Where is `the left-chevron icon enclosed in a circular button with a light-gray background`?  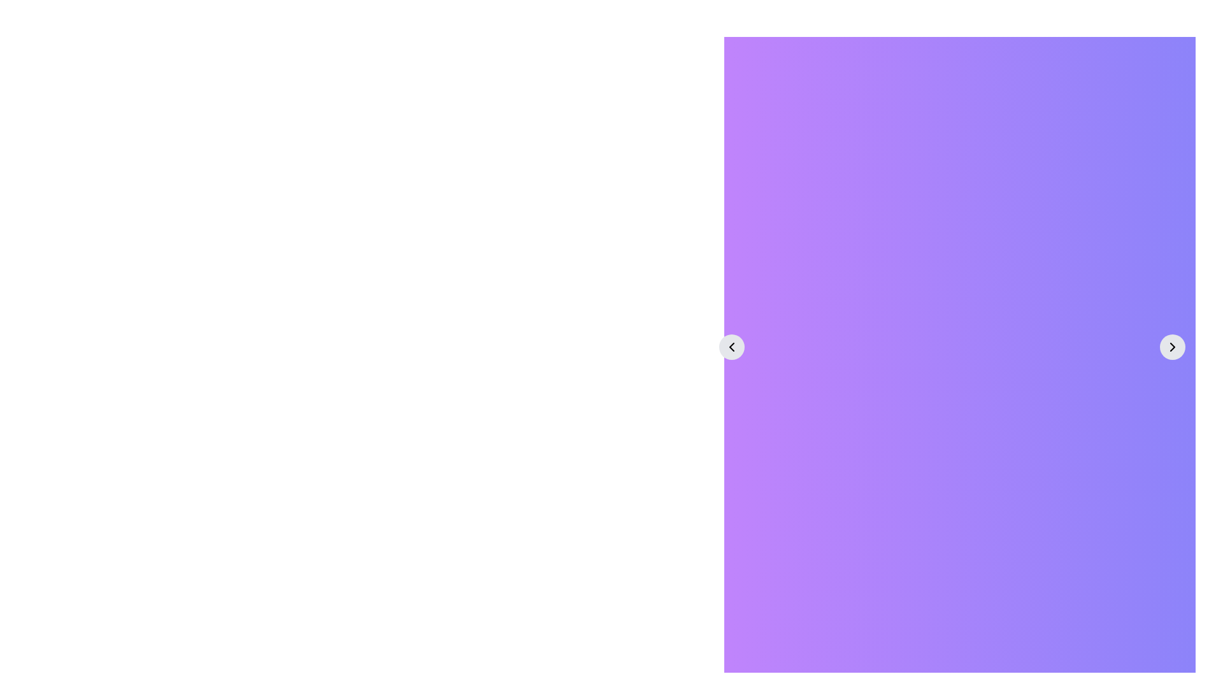
the left-chevron icon enclosed in a circular button with a light-gray background is located at coordinates (731, 347).